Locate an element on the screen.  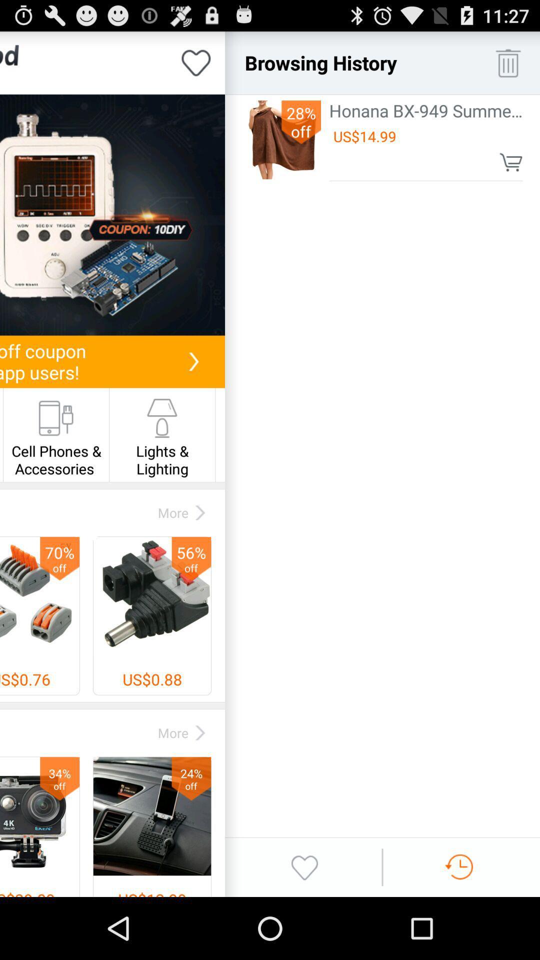
delete is located at coordinates (508, 62).